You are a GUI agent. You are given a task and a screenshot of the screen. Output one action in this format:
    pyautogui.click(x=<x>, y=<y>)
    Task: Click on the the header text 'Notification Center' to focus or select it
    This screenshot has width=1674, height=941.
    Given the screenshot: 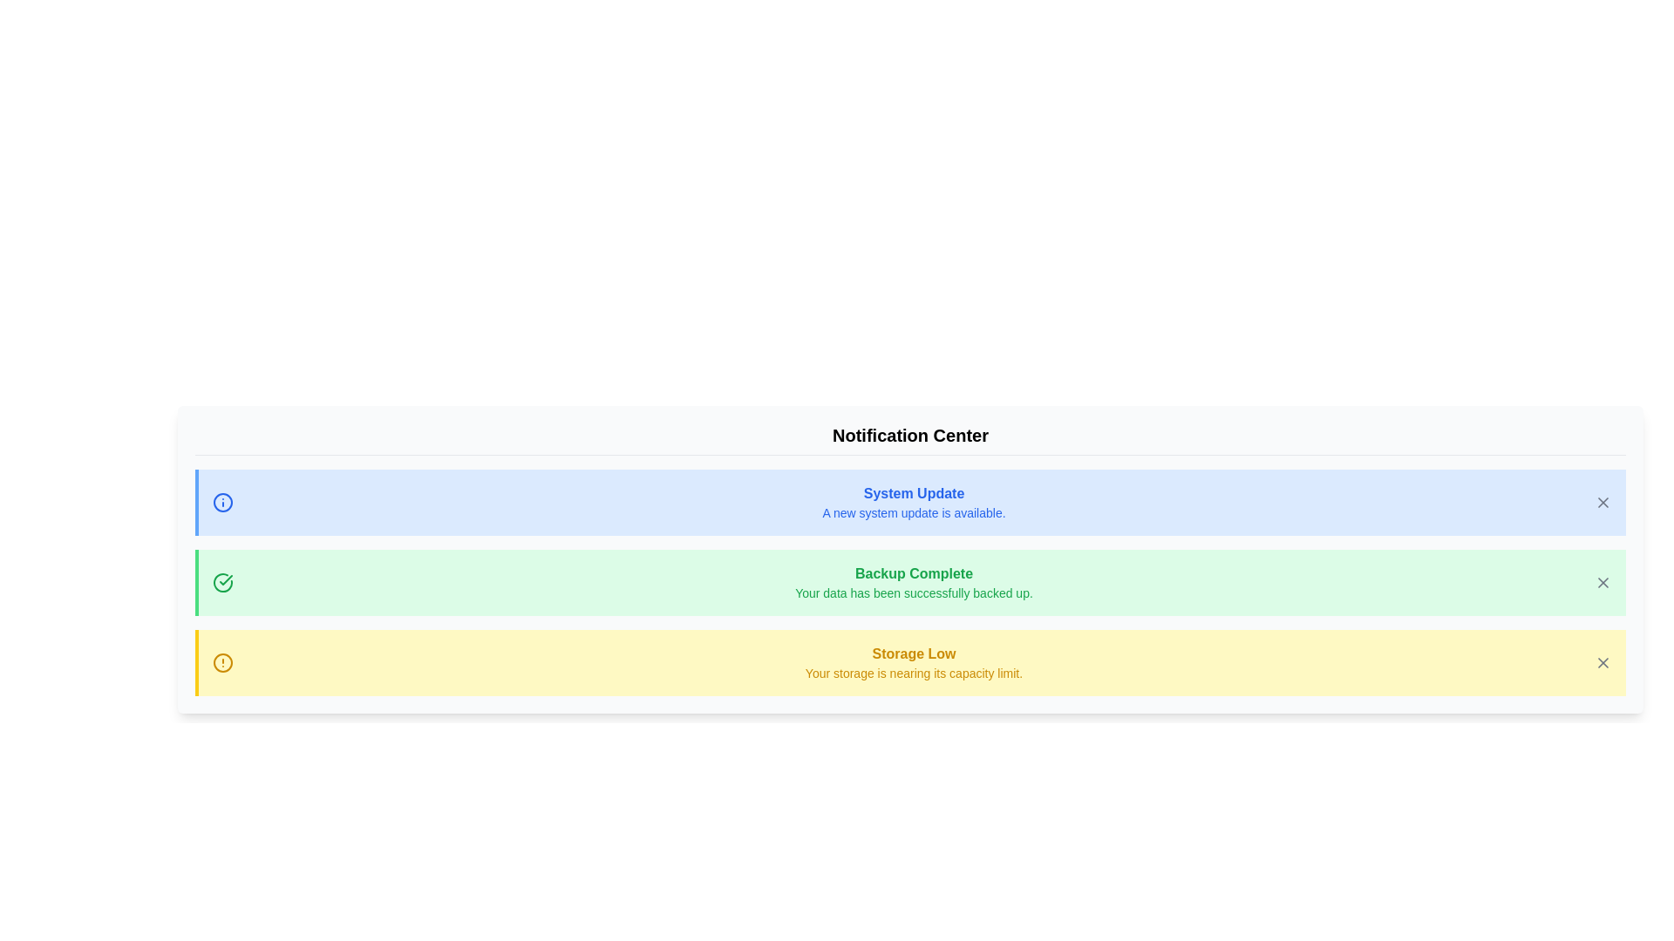 What is the action you would take?
    pyautogui.click(x=909, y=435)
    